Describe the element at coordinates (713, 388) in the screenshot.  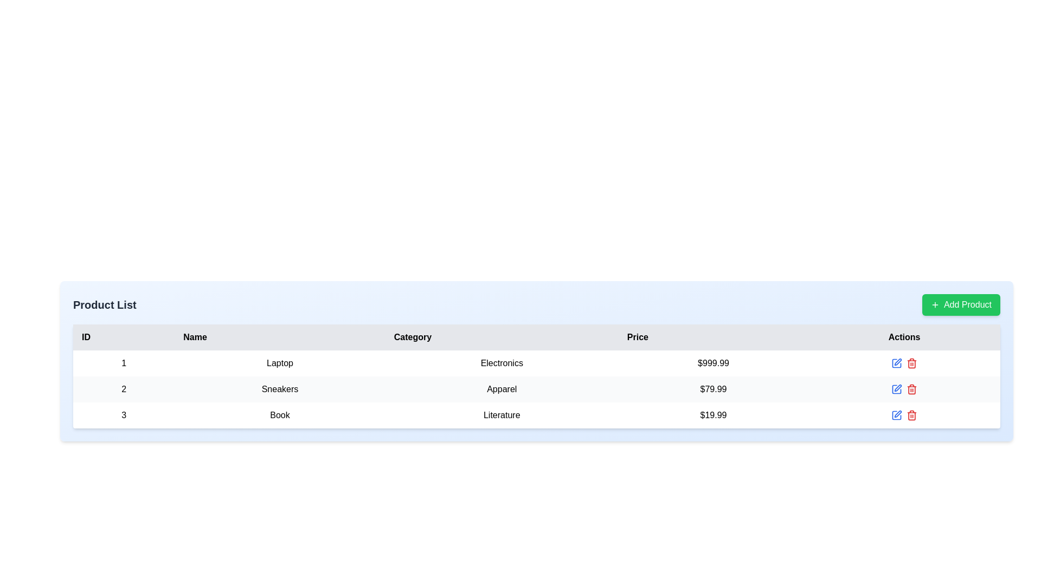
I see `the stylized text displaying '$79.99' in black font, located in the fourth column of the second row of the table indicating the price for 'Sneakers' in the 'Apparel' category` at that location.